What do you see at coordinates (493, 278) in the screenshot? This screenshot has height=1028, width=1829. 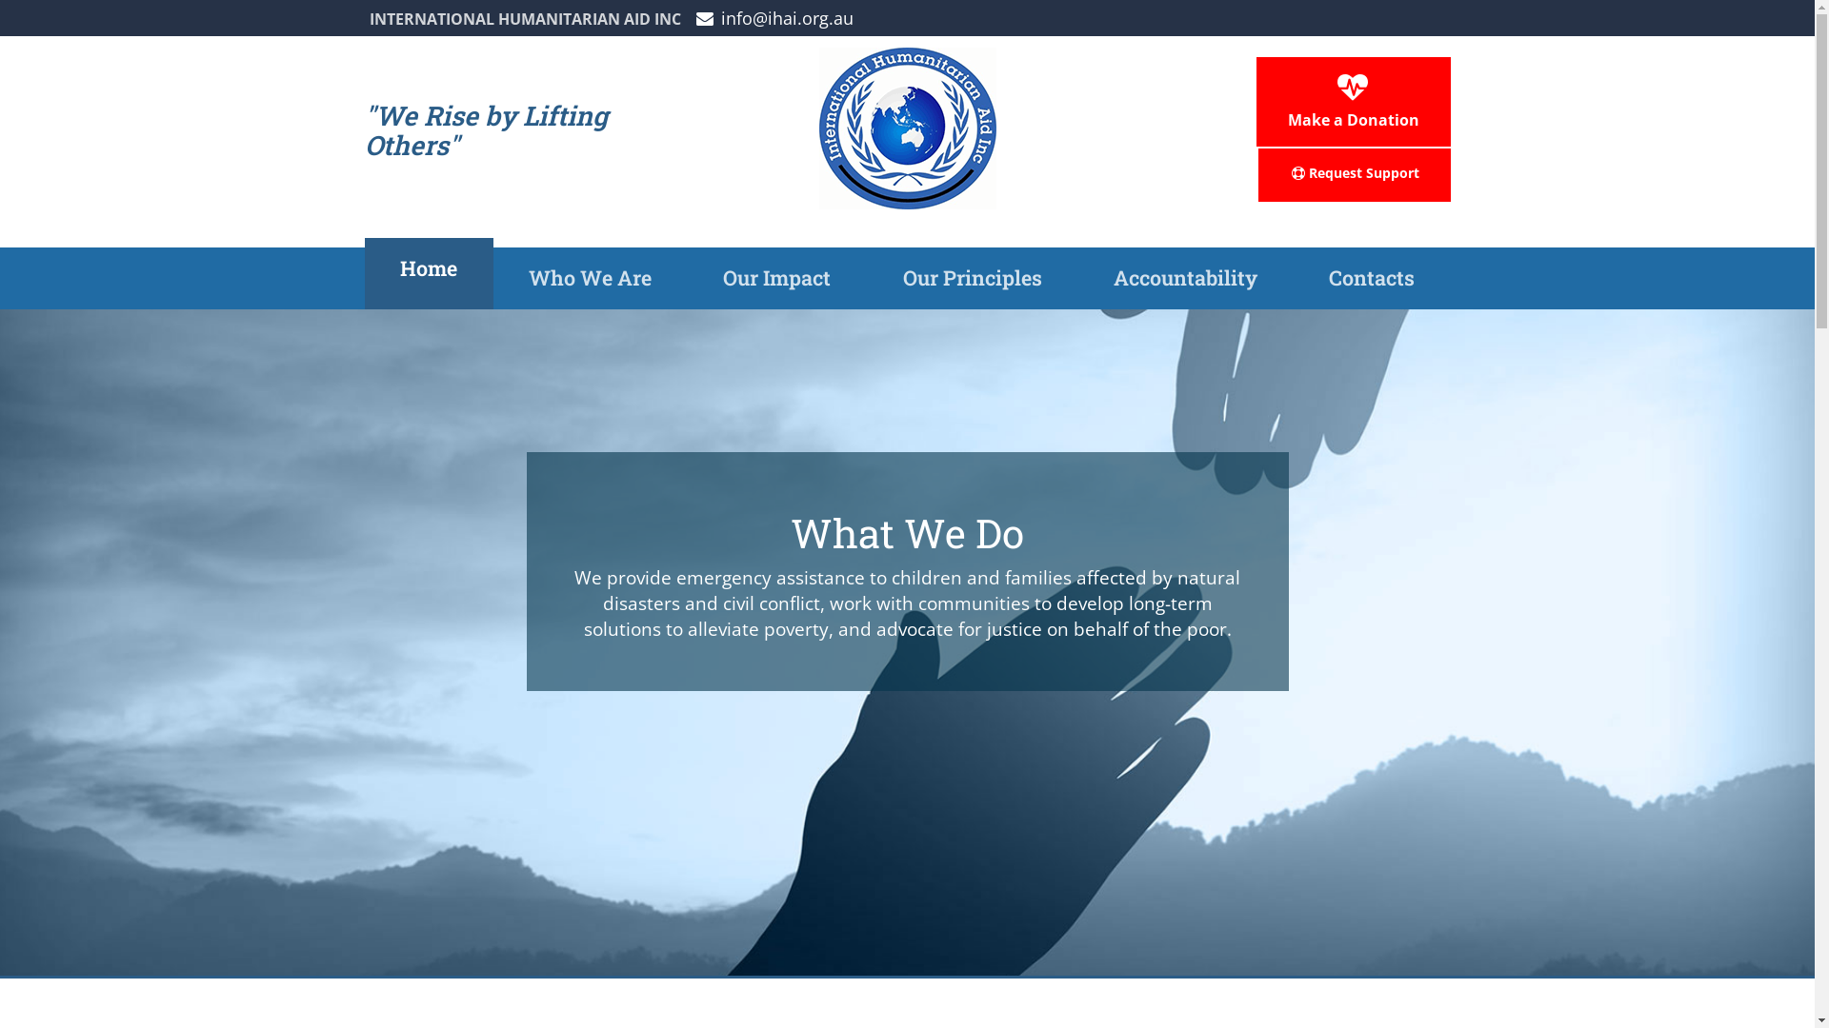 I see `'Who We Are'` at bounding box center [493, 278].